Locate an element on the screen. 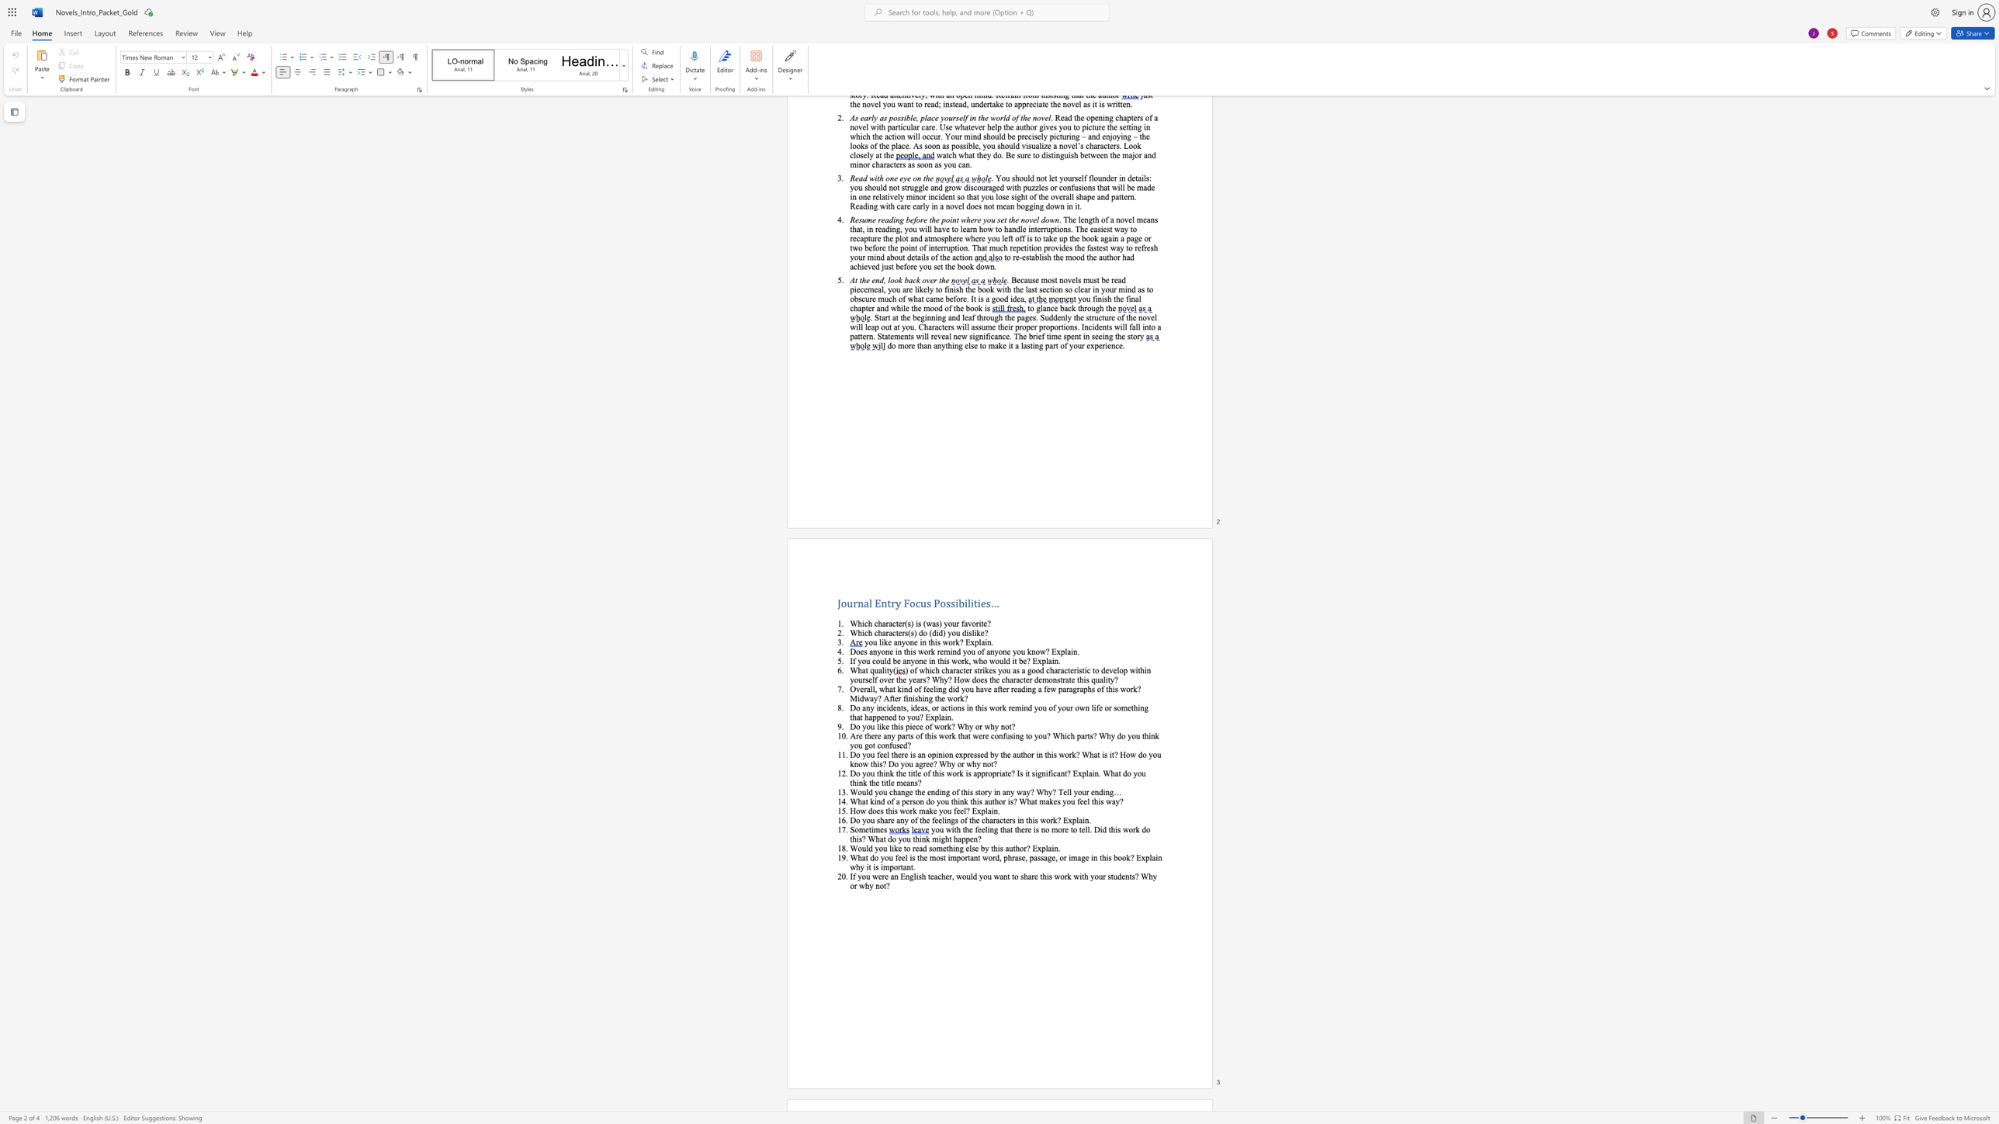 This screenshot has width=1999, height=1124. the subset text "s) is (was) your favorite?" within the text "Which character(s) is (was) your favorite?" is located at coordinates (906, 624).